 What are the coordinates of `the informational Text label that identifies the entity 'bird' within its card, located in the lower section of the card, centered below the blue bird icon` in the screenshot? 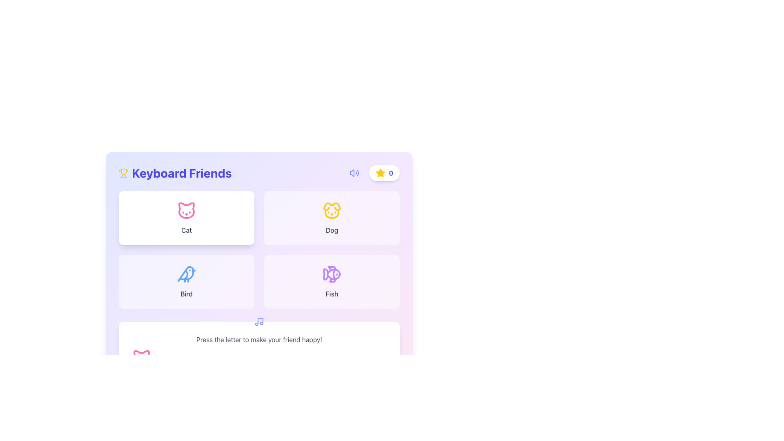 It's located at (186, 294).